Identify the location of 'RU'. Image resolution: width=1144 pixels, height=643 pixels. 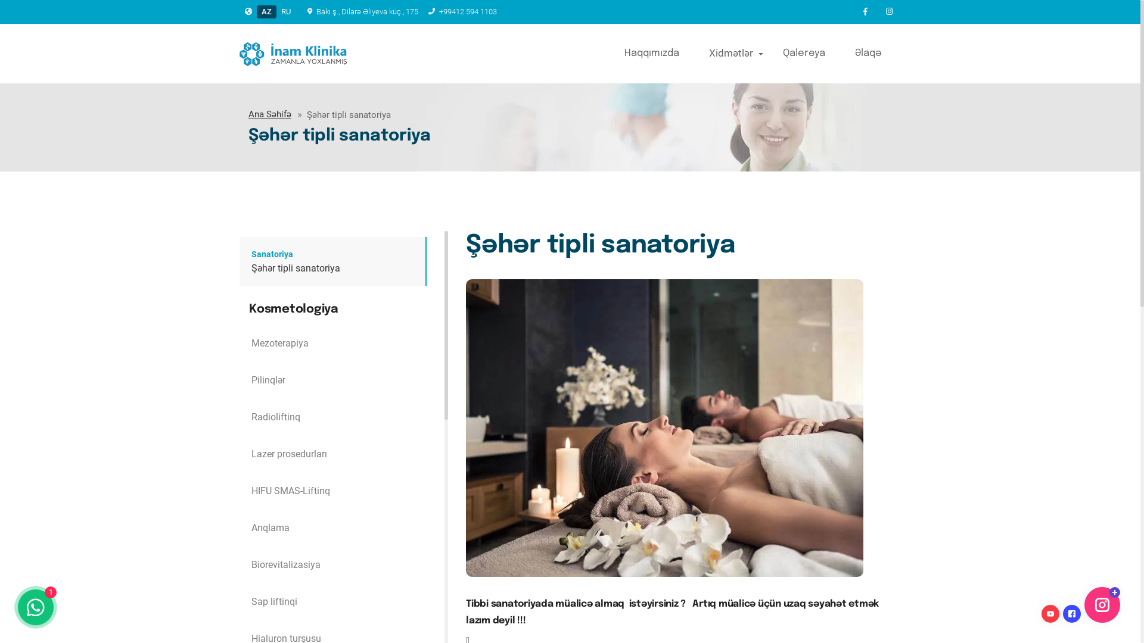
(286, 11).